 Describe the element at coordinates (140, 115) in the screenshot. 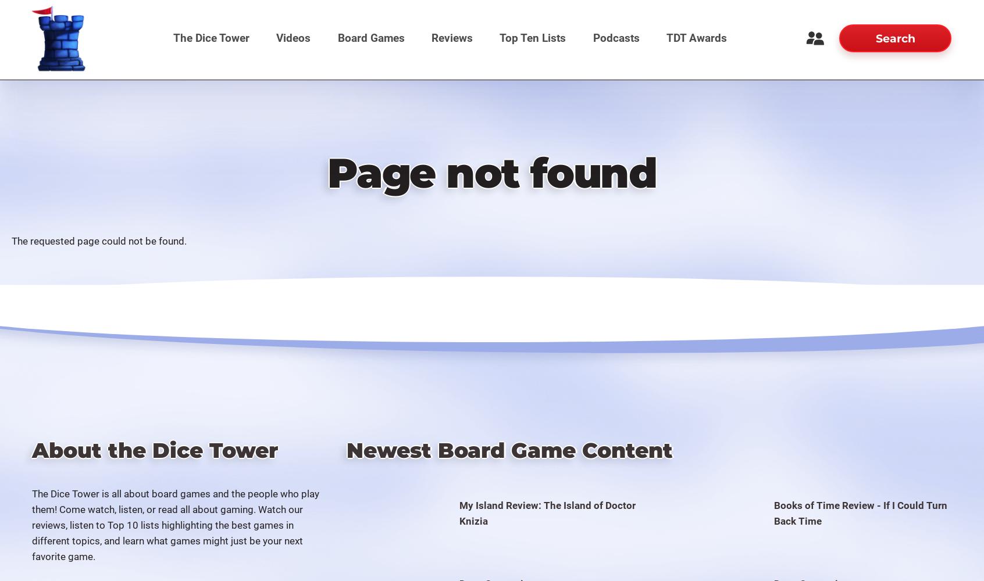

I see `'Forums'` at that location.